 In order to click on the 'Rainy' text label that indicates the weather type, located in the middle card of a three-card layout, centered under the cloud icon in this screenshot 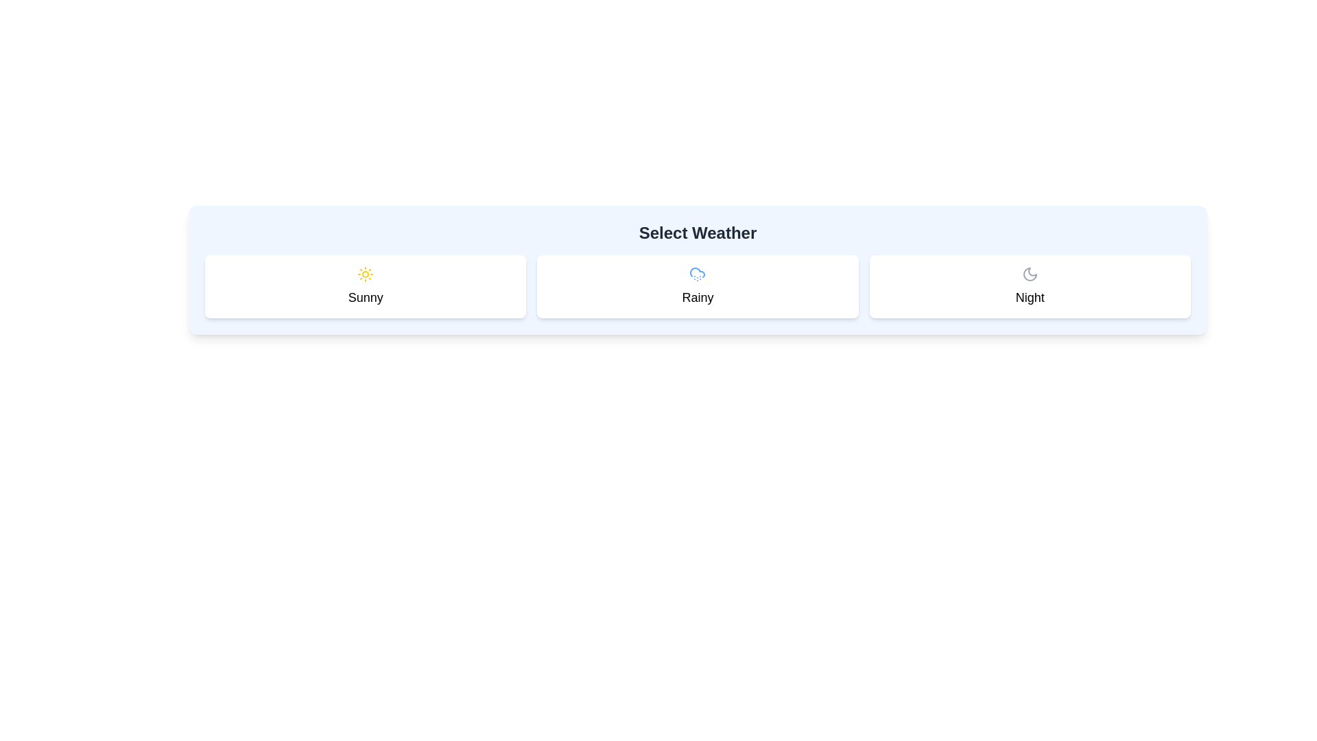, I will do `click(698, 297)`.